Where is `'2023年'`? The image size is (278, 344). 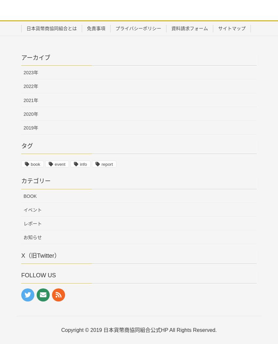
'2023年' is located at coordinates (30, 72).